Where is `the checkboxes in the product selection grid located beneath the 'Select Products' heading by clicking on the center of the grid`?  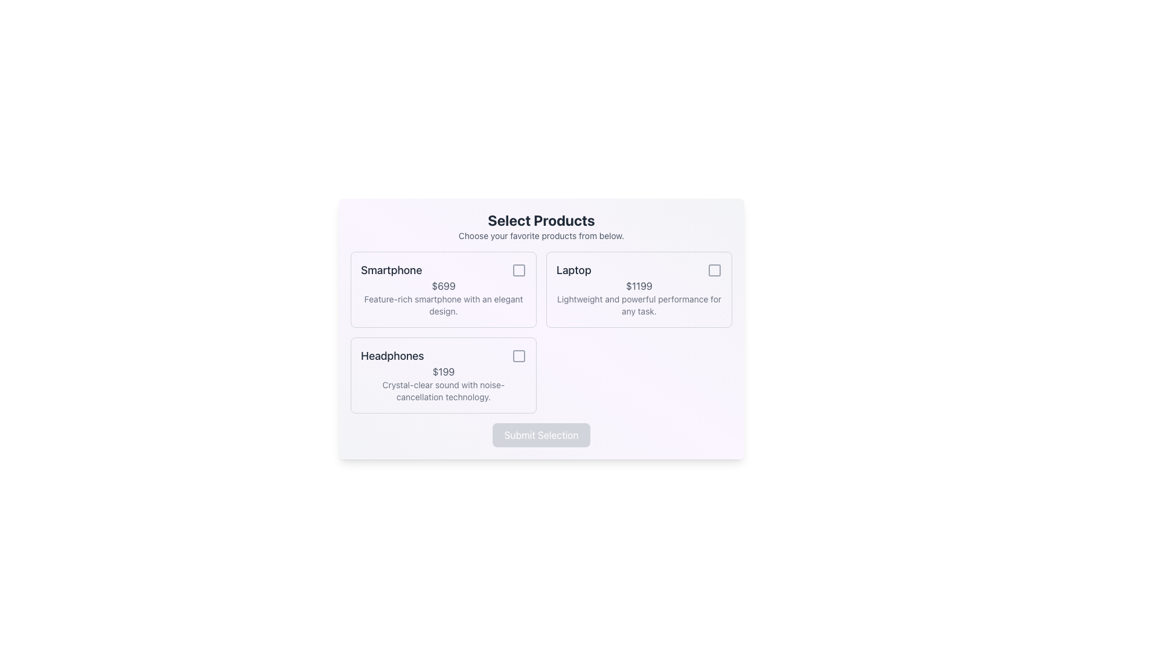 the checkboxes in the product selection grid located beneath the 'Select Products' heading by clicking on the center of the grid is located at coordinates (541, 333).